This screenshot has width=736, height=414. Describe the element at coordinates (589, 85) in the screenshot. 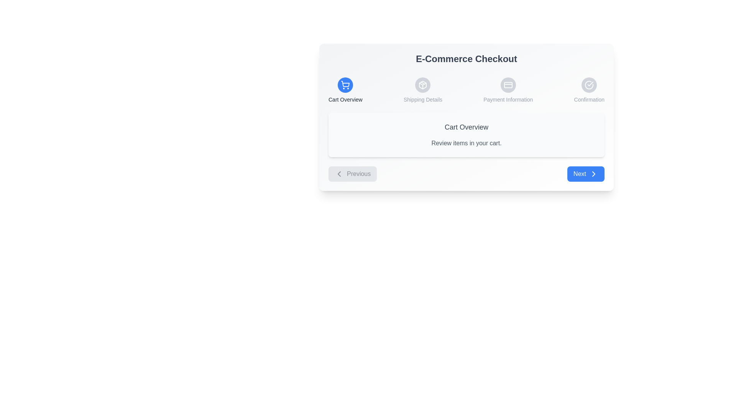

I see `the decorative indicator circular button with a checkmark icon located at the top-right section of the progress bar, which represents the final step labeled 'Confirmation'` at that location.